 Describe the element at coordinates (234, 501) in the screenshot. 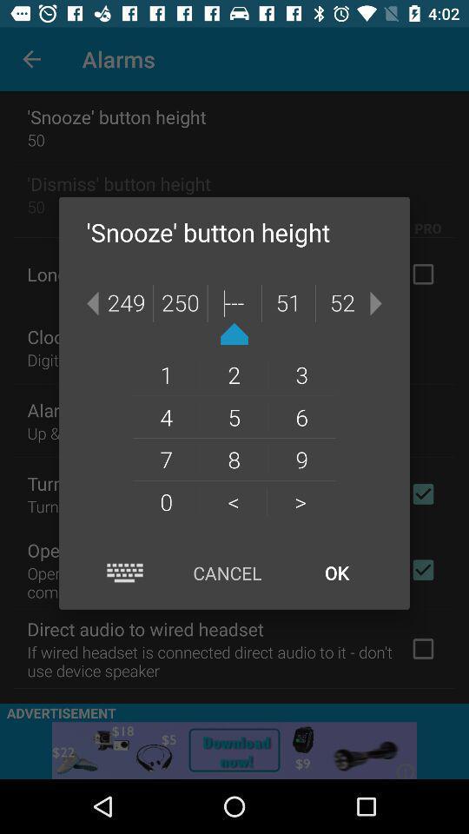

I see `the item above cancel item` at that location.